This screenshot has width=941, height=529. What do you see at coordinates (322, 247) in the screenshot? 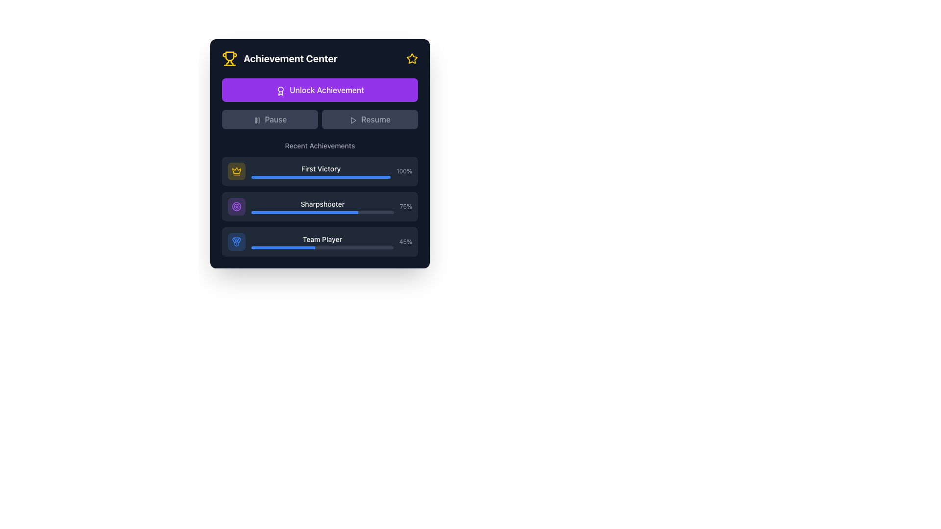
I see `the progress value visually by focusing on the blue filling of the progress bar for the 'Team Player' achievement, located at the bottom of the achievements section` at bounding box center [322, 247].